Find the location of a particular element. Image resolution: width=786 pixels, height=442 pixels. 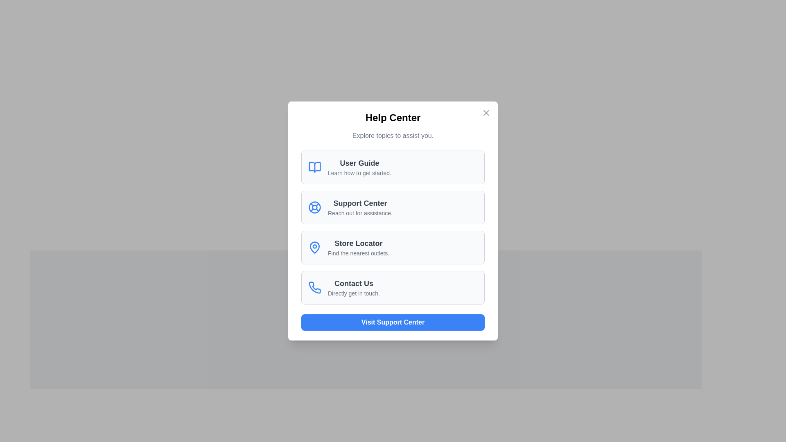

the contact icon located next to 'Contact Us' in the Help Center menu for identification is located at coordinates (314, 287).